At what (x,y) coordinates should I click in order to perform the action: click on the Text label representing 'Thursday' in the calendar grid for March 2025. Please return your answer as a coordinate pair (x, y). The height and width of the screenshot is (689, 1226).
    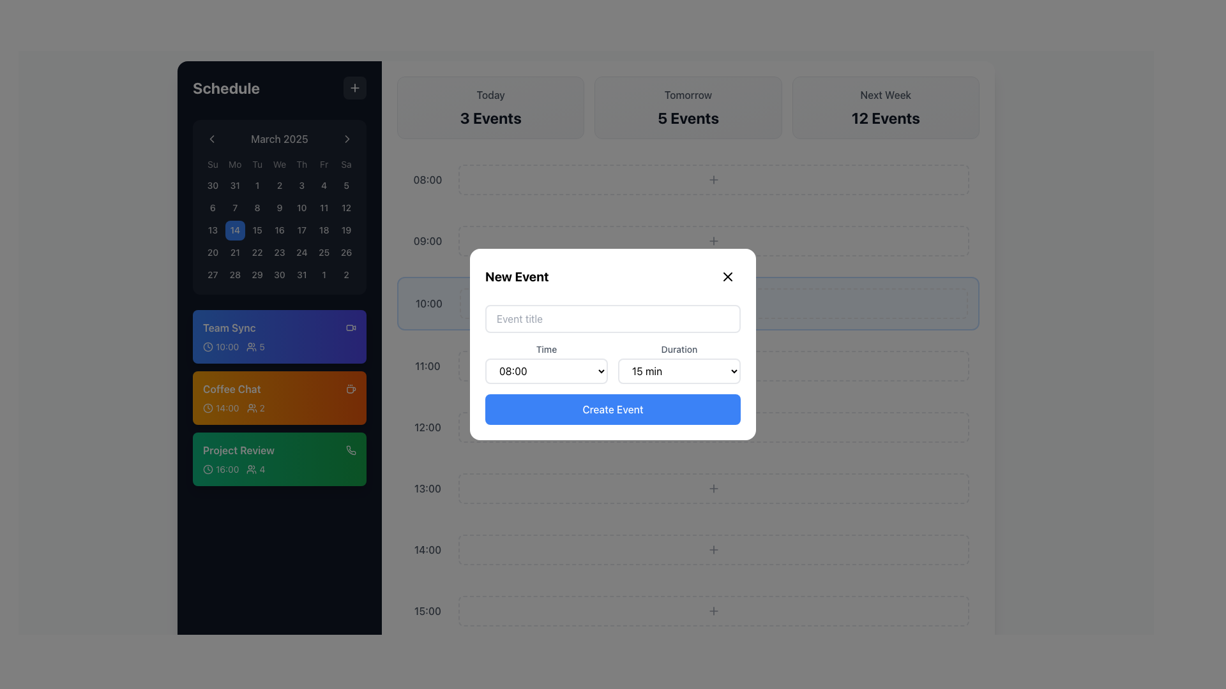
    Looking at the image, I should click on (301, 164).